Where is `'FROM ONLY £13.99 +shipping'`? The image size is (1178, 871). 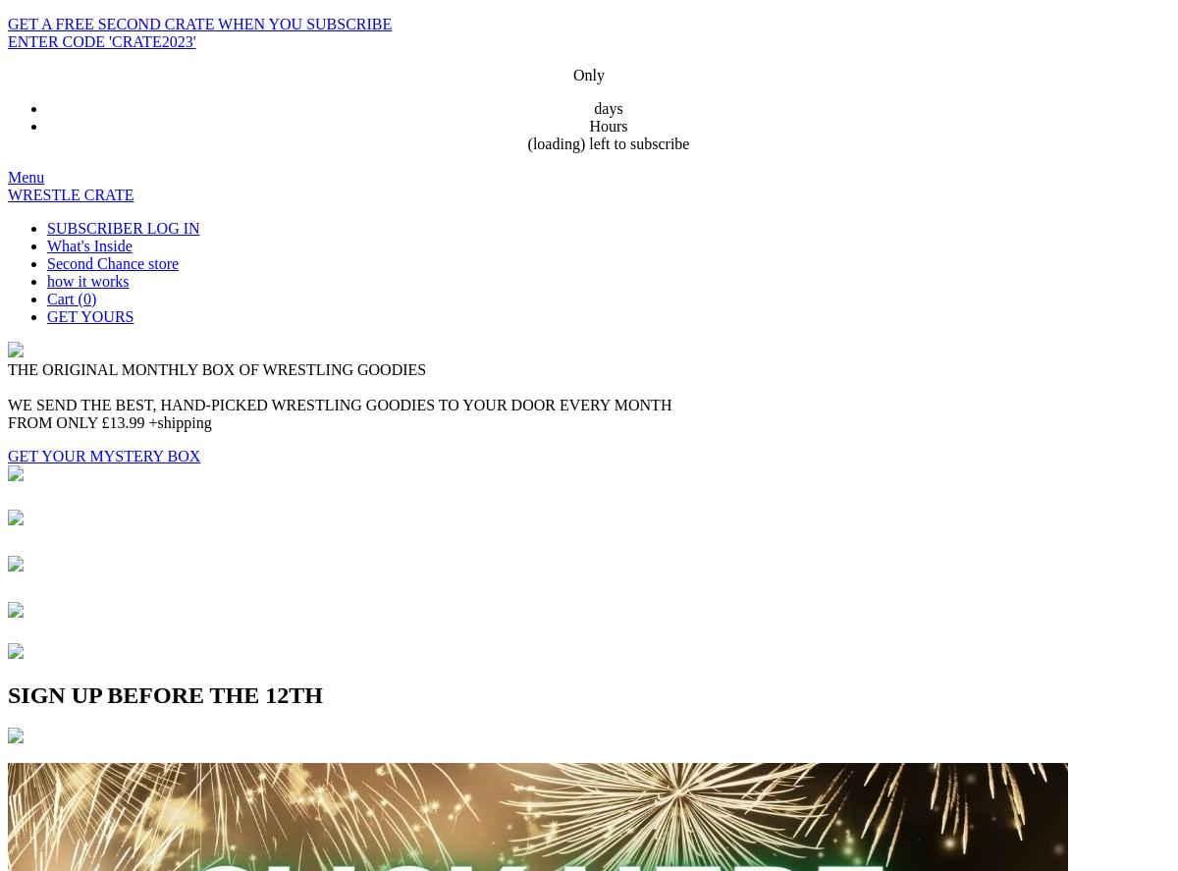
'FROM ONLY £13.99 +shipping' is located at coordinates (109, 422).